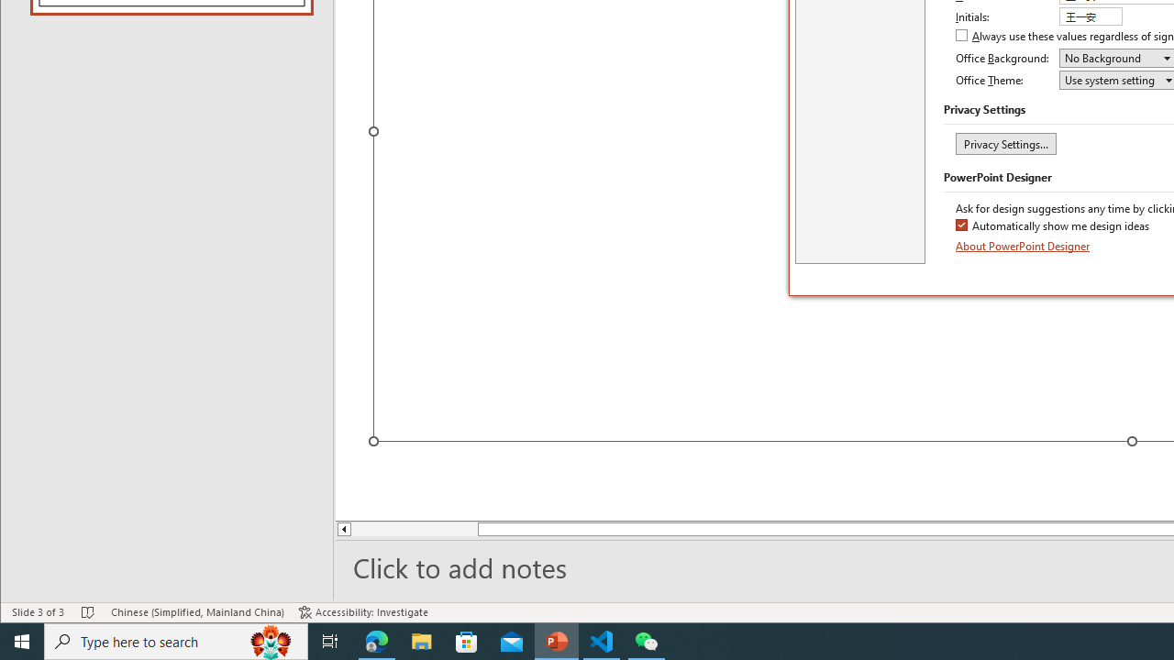  Describe the element at coordinates (1004, 142) in the screenshot. I see `'Privacy Settings...'` at that location.